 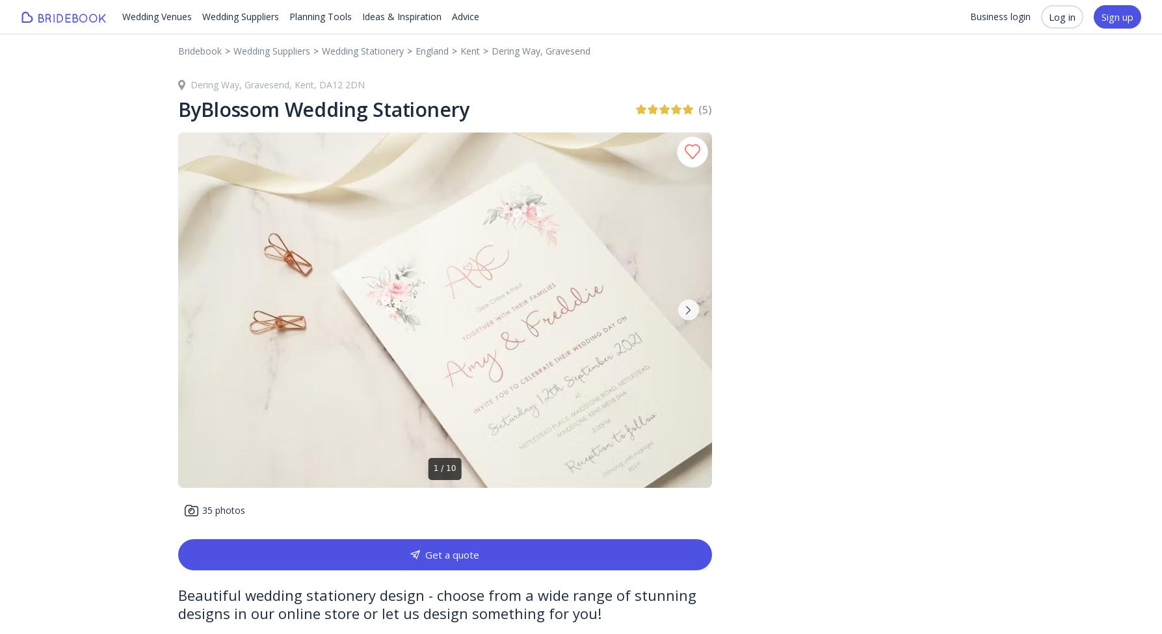 I want to click on 'ByBlossom Wedding Stationery', so click(x=177, y=108).